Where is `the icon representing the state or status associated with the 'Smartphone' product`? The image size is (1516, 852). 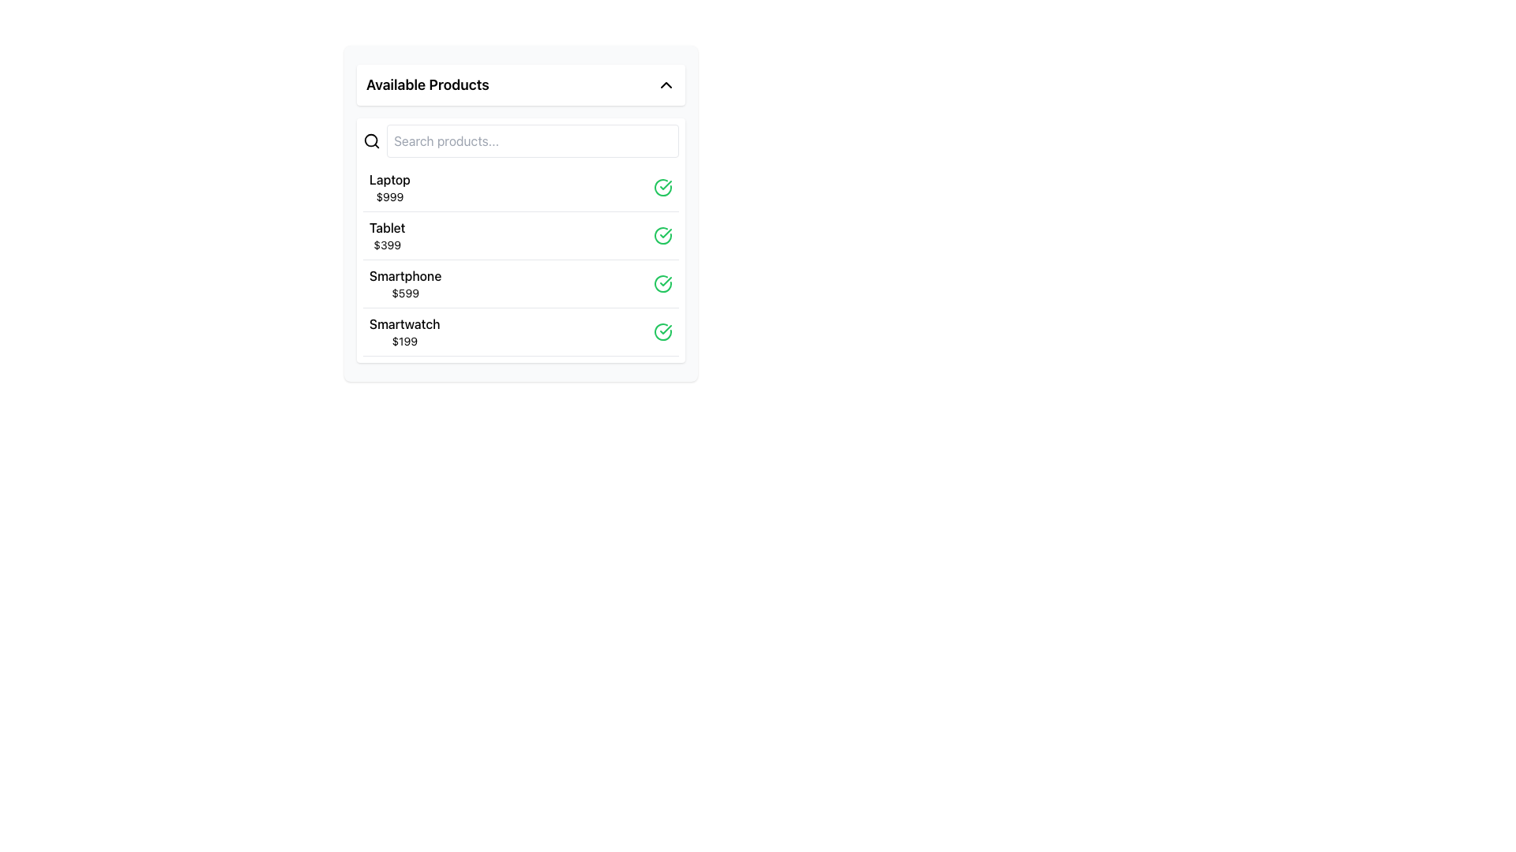
the icon representing the state or status associated with the 'Smartphone' product is located at coordinates (663, 282).